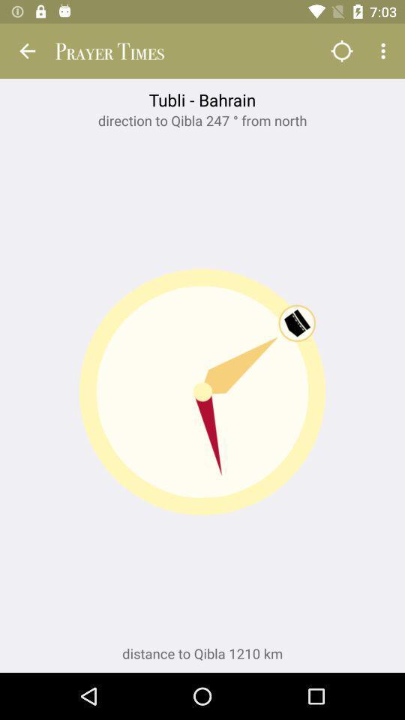  Describe the element at coordinates (341, 51) in the screenshot. I see `app above tubli - bahrain app` at that location.